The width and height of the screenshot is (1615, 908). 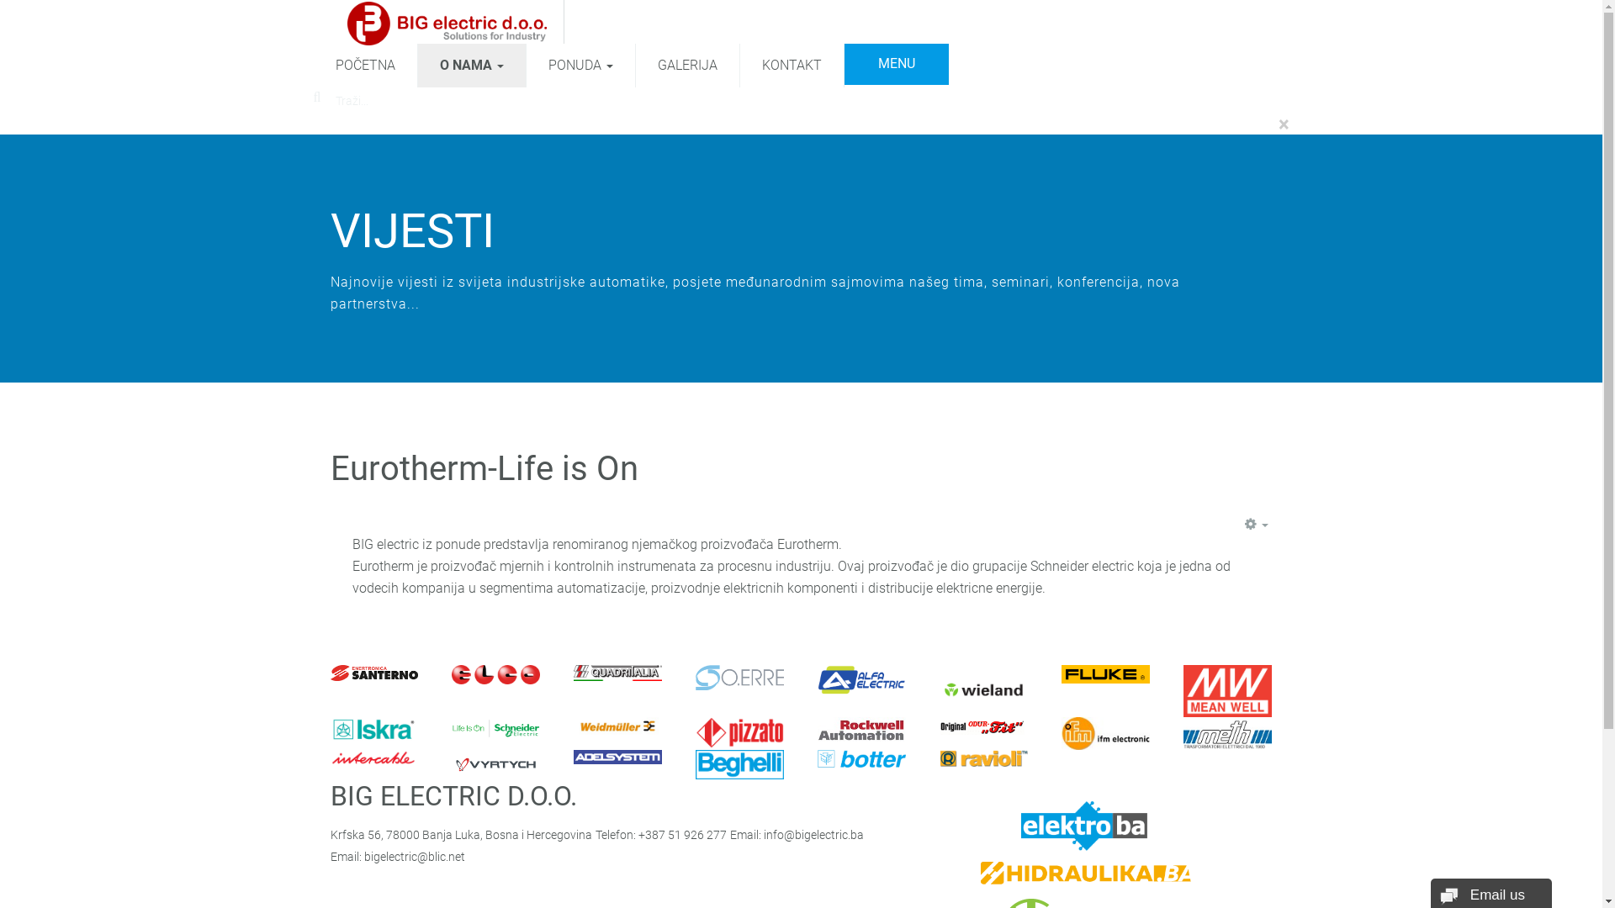 I want to click on 'GALERIJA', so click(x=687, y=64).